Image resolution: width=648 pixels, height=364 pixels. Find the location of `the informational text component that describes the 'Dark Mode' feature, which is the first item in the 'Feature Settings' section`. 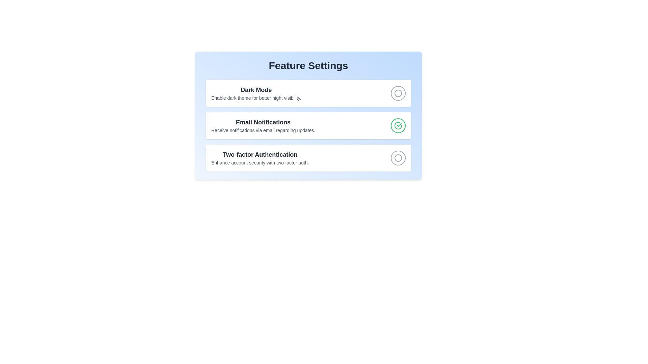

the informational text component that describes the 'Dark Mode' feature, which is the first item in the 'Feature Settings' section is located at coordinates (256, 93).